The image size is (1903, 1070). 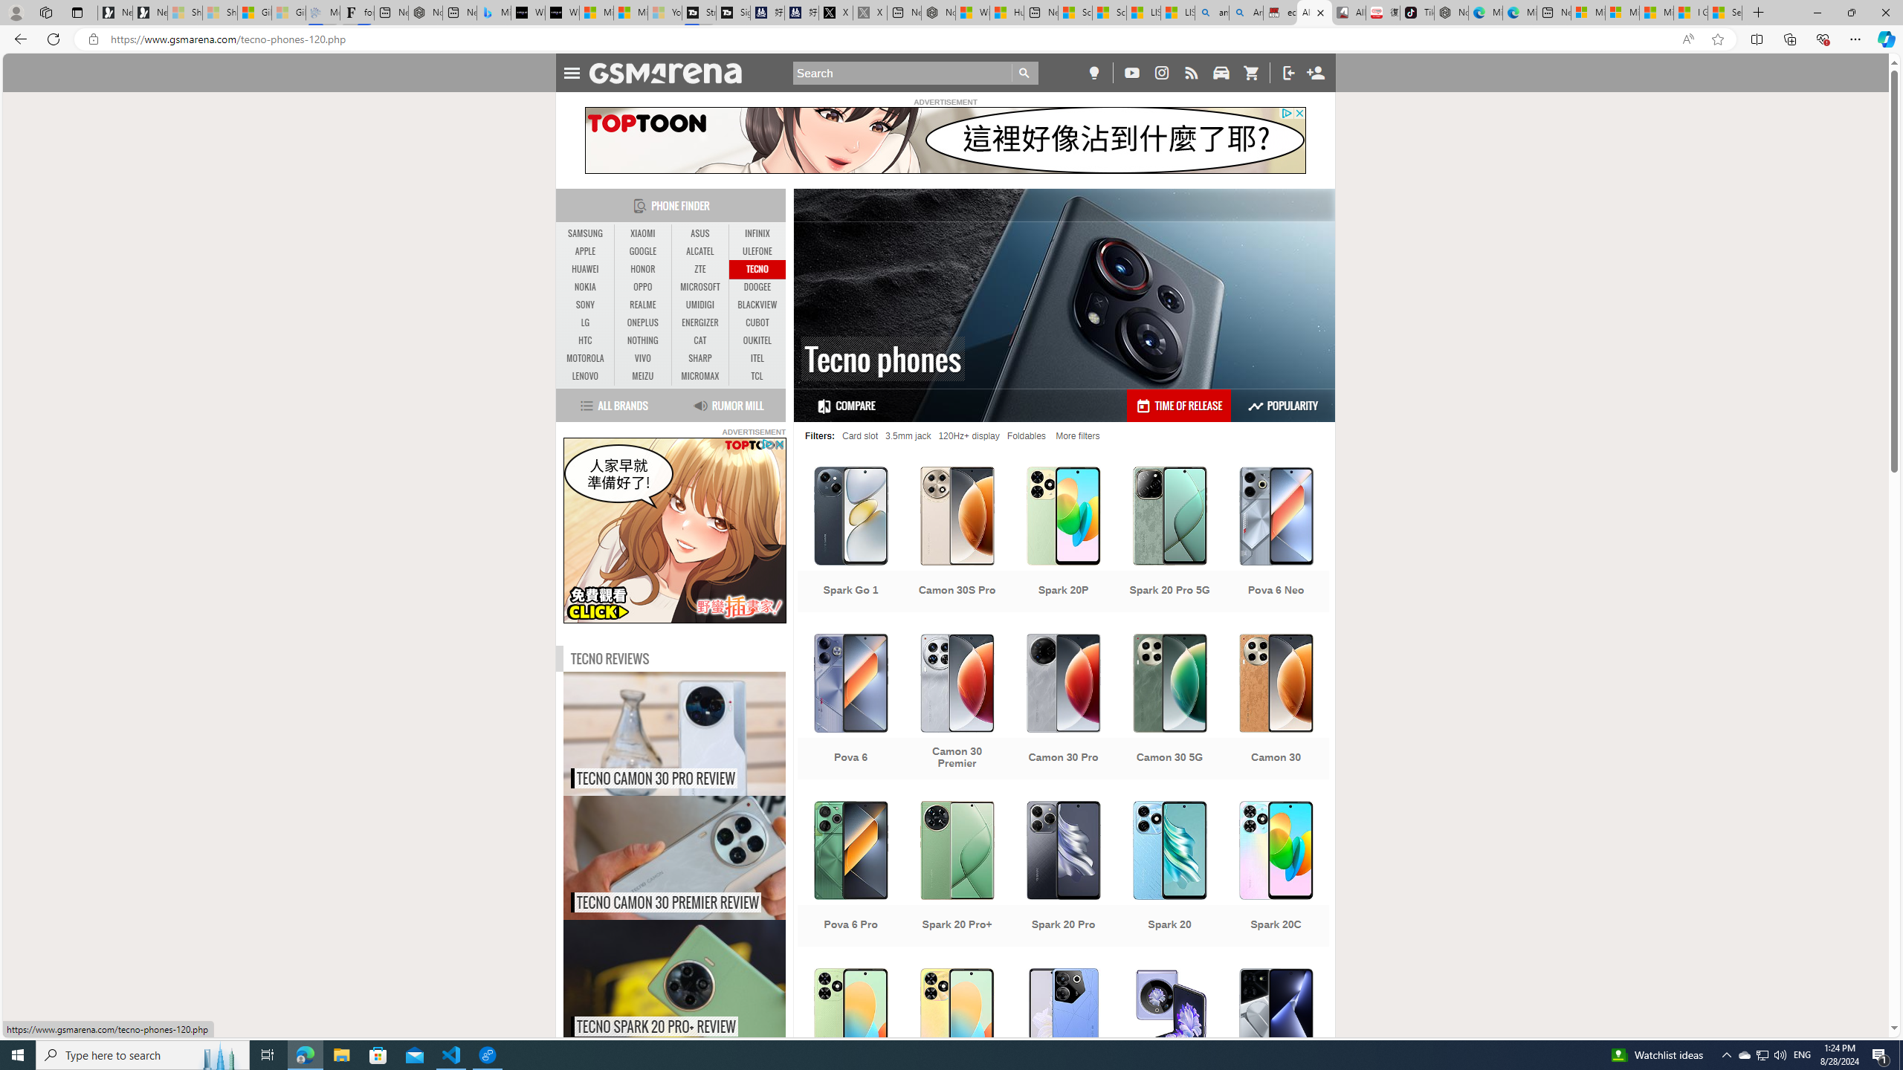 What do you see at coordinates (700, 304) in the screenshot?
I see `'UMIDIGI'` at bounding box center [700, 304].